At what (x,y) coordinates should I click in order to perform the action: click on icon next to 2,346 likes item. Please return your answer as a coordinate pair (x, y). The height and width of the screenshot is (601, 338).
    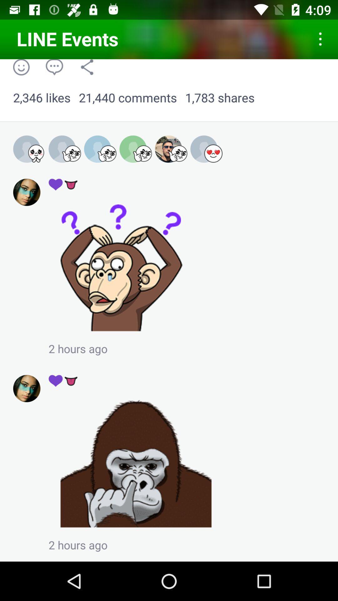
    Looking at the image, I should click on (127, 98).